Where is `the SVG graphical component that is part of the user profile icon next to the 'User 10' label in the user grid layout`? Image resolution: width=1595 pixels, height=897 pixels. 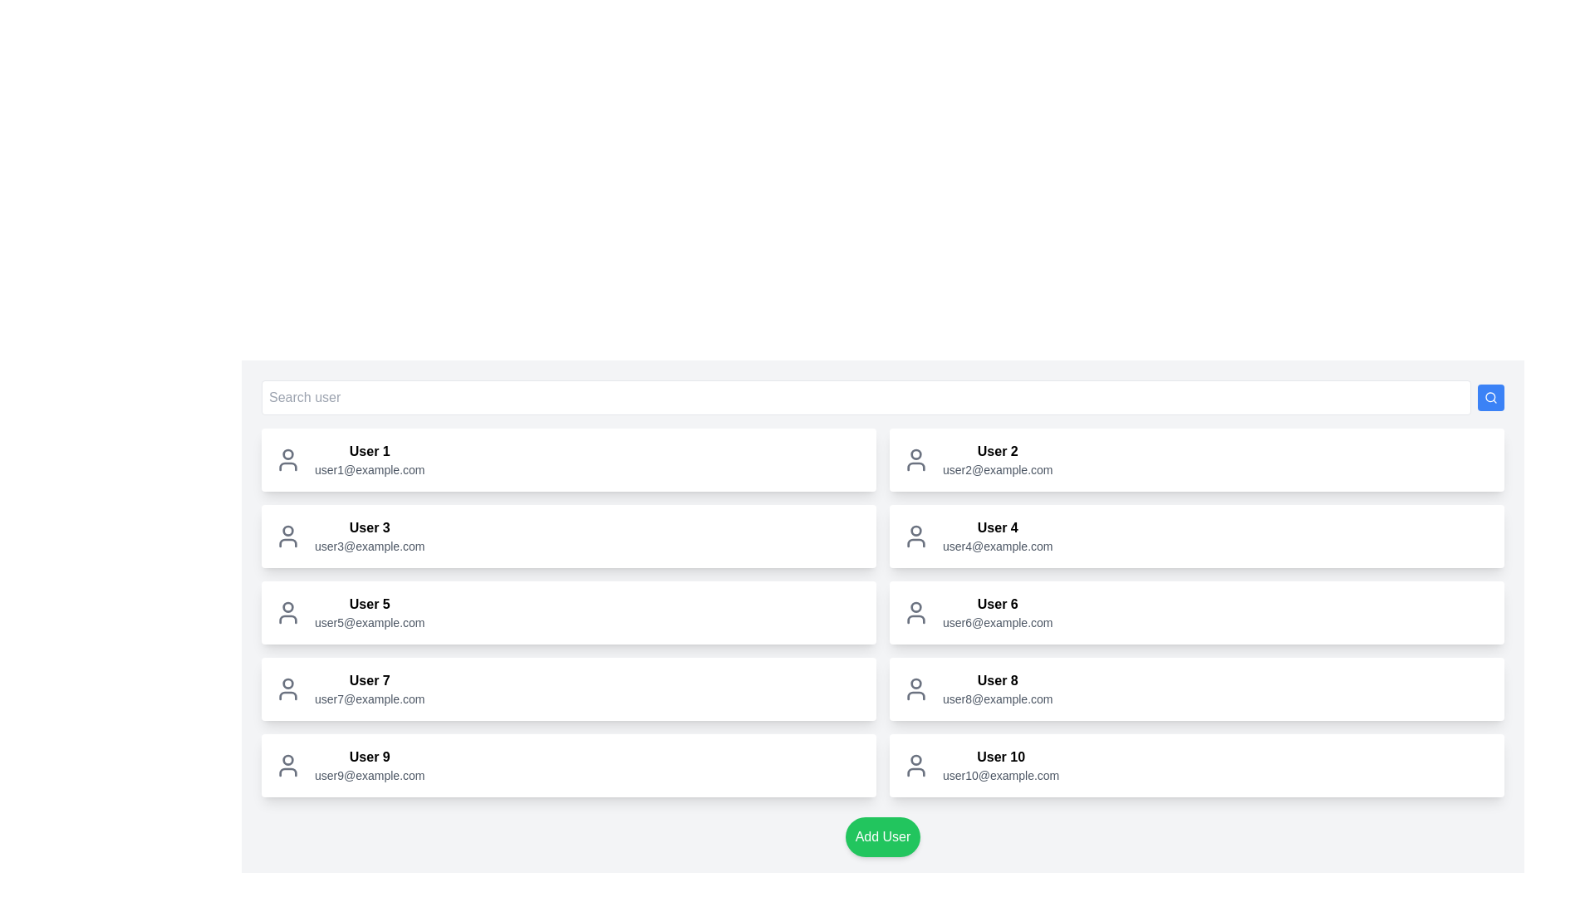 the SVG graphical component that is part of the user profile icon next to the 'User 10' label in the user grid layout is located at coordinates (915, 759).